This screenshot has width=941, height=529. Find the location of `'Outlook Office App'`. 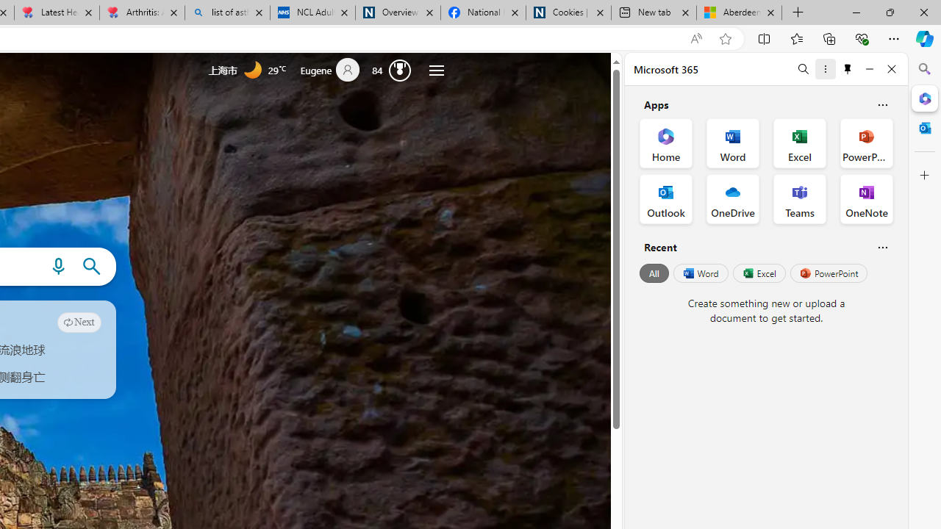

'Outlook Office App' is located at coordinates (665, 199).